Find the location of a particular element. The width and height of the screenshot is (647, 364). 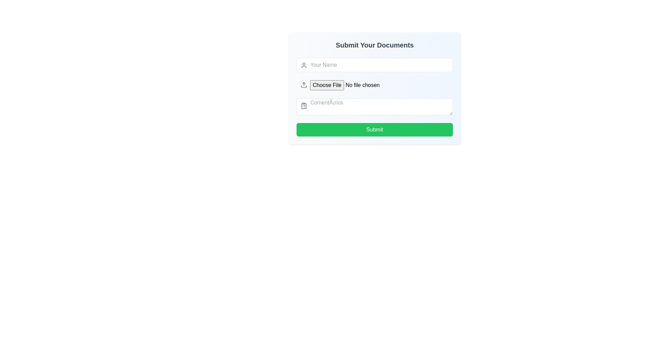

the upload icon element located to the left of the 'Choose File' button in the 'Submit Your Documents' form is located at coordinates (304, 84).